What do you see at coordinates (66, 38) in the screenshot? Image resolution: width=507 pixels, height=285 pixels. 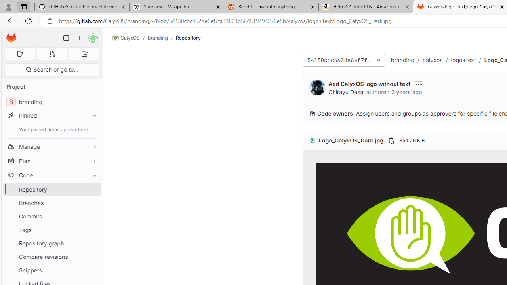 I see `'Primary navigation sidebar'` at bounding box center [66, 38].